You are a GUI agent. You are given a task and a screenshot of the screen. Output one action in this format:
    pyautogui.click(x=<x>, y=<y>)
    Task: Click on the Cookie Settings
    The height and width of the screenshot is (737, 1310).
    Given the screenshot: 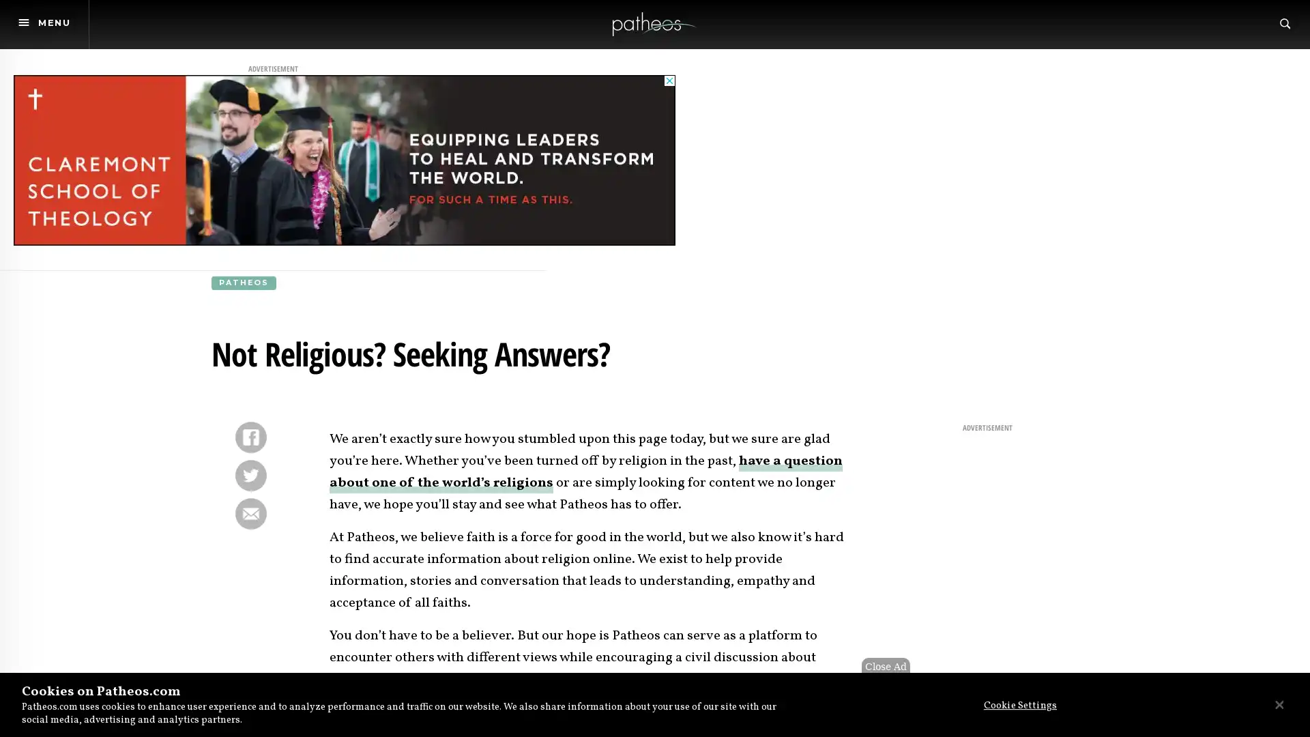 What is the action you would take?
    pyautogui.click(x=1016, y=706)
    